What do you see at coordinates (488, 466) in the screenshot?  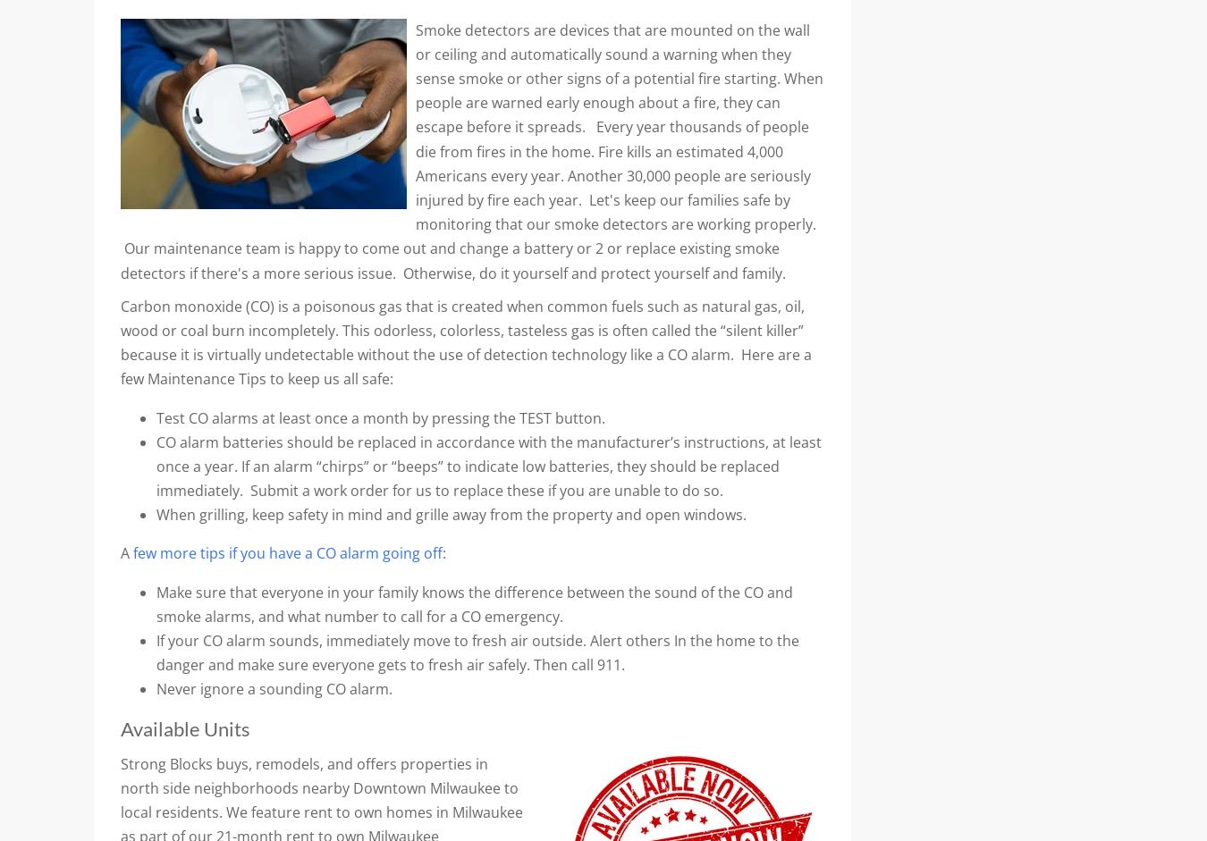 I see `'CO alarm batteries should be replaced in accordance with the manufacturer’s instructions, at least once a year. If an alarm “chirps” or “beeps” to indicate low batteries, they should be replaced immediately.  Submit a work order for us to replace these if you are unable to do so.'` at bounding box center [488, 466].